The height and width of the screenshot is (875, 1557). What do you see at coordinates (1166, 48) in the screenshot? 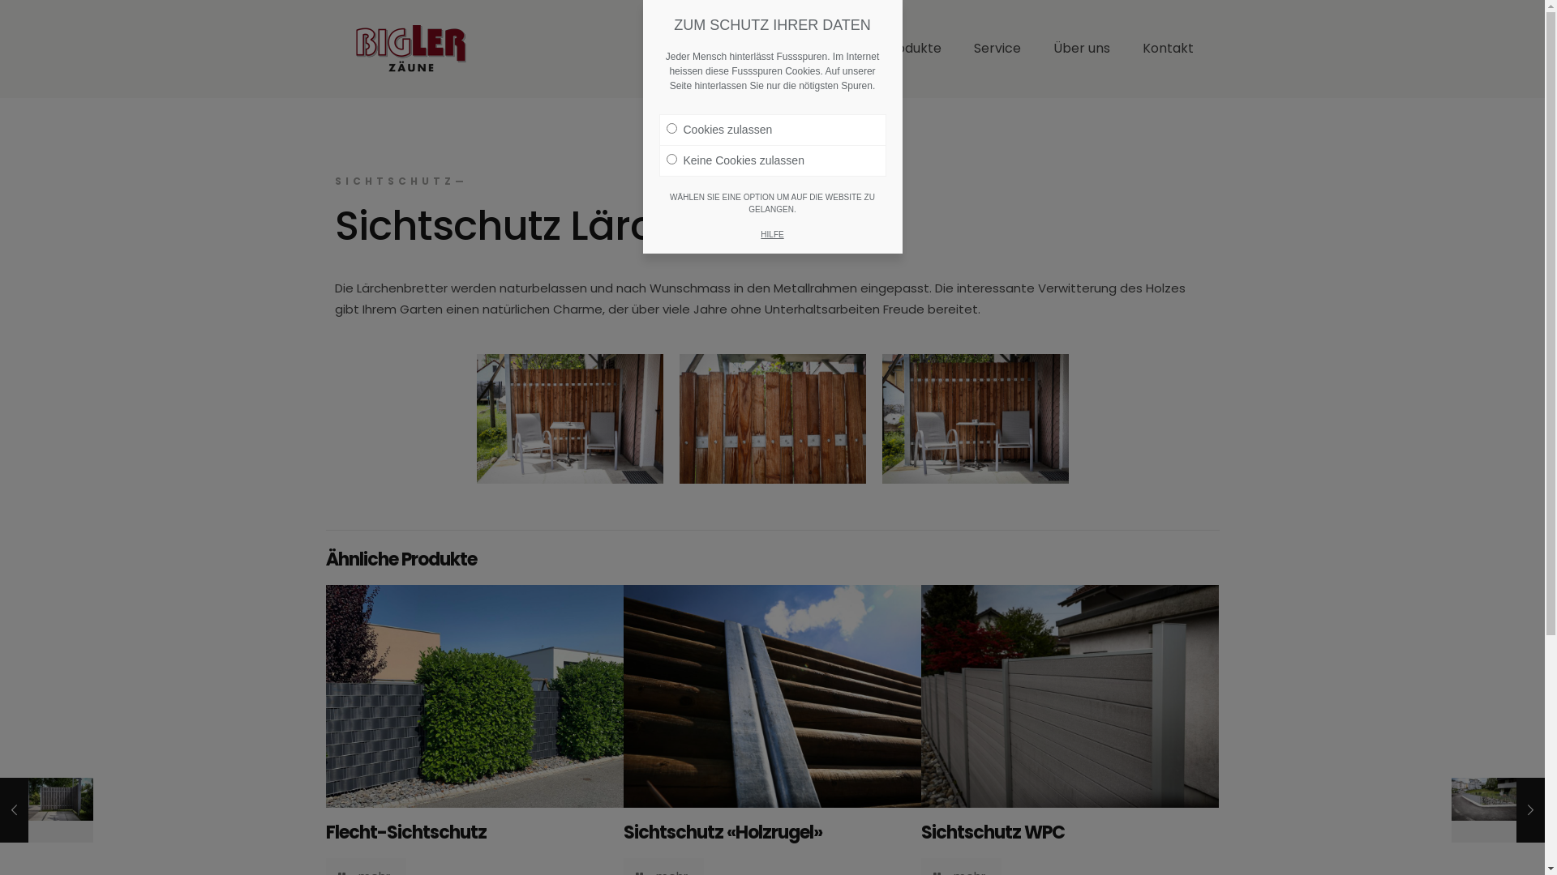
I see `'Kontakt'` at bounding box center [1166, 48].